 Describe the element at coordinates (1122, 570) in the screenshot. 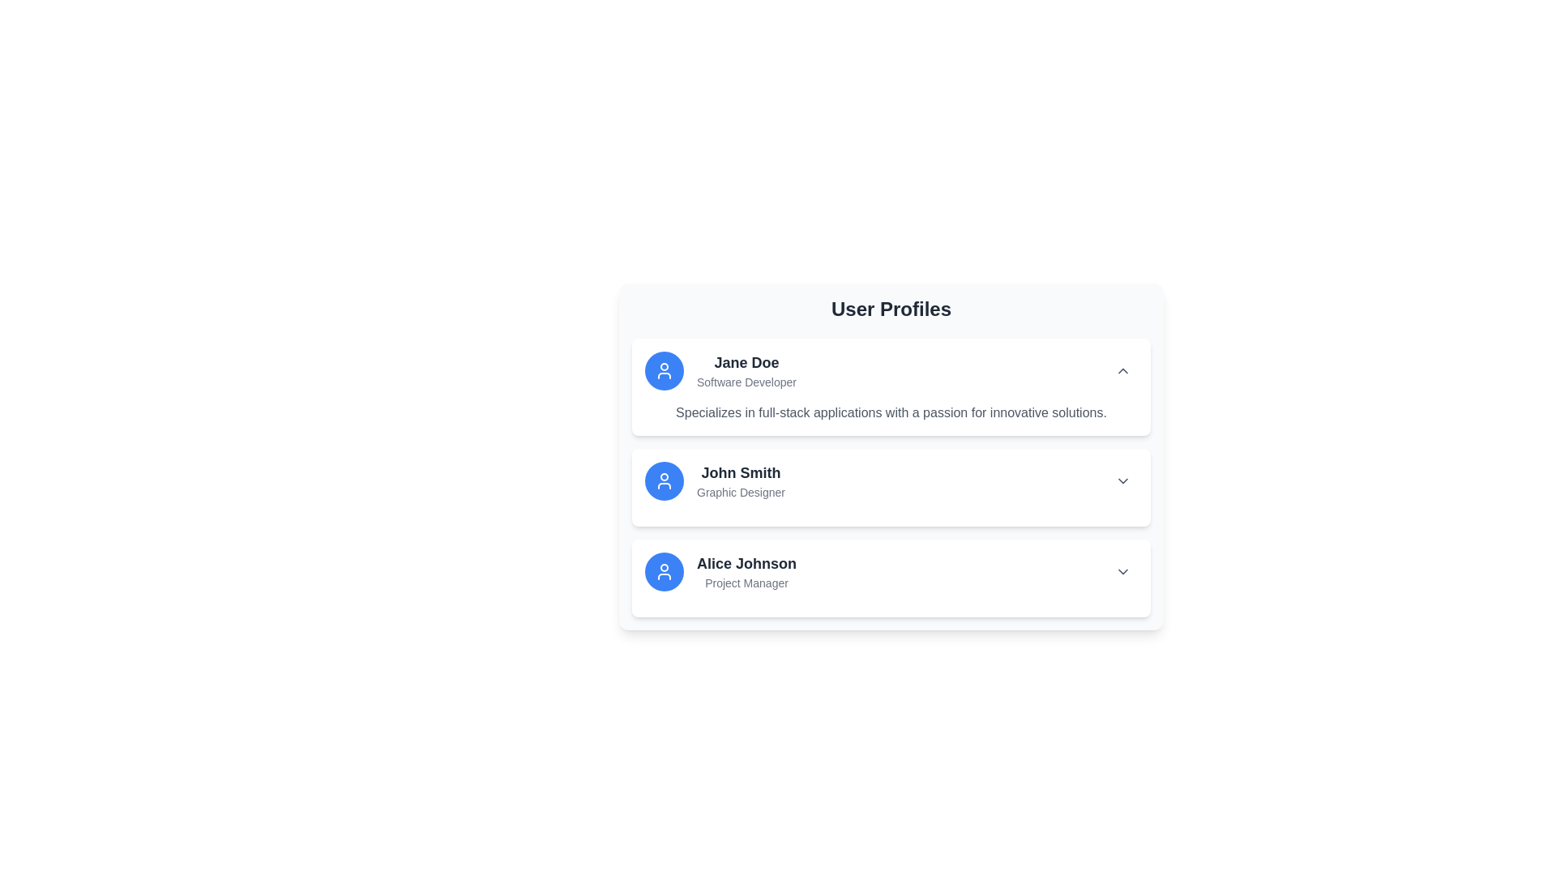

I see `the small square button with a downward-pointing chevron icon located at the top-right corner of the 'Alice Johnson - Project Manager' card` at that location.